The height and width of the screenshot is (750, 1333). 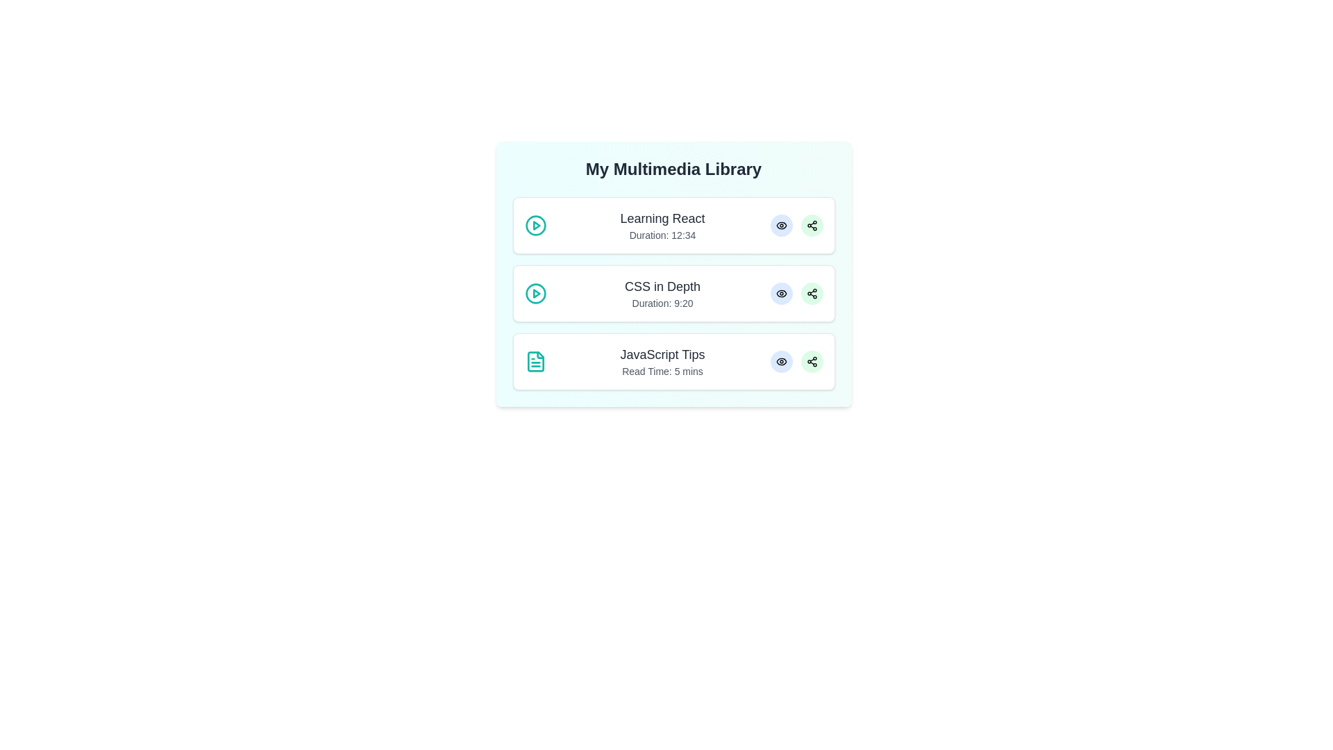 I want to click on 'Preview' button for the media item titled 'CSS in Depth', so click(x=781, y=293).